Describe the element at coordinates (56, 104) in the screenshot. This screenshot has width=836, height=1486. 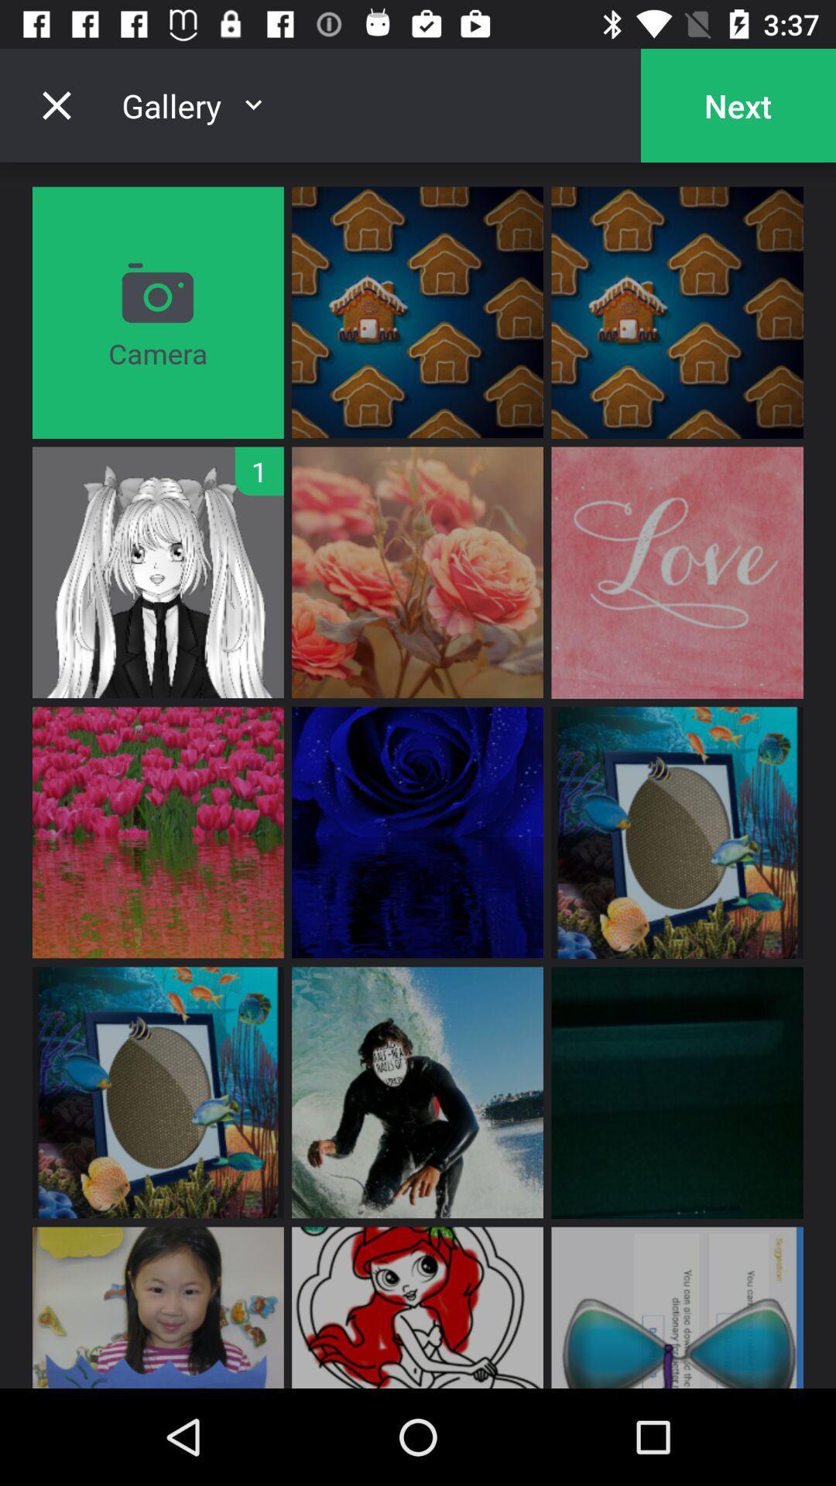
I see `close` at that location.